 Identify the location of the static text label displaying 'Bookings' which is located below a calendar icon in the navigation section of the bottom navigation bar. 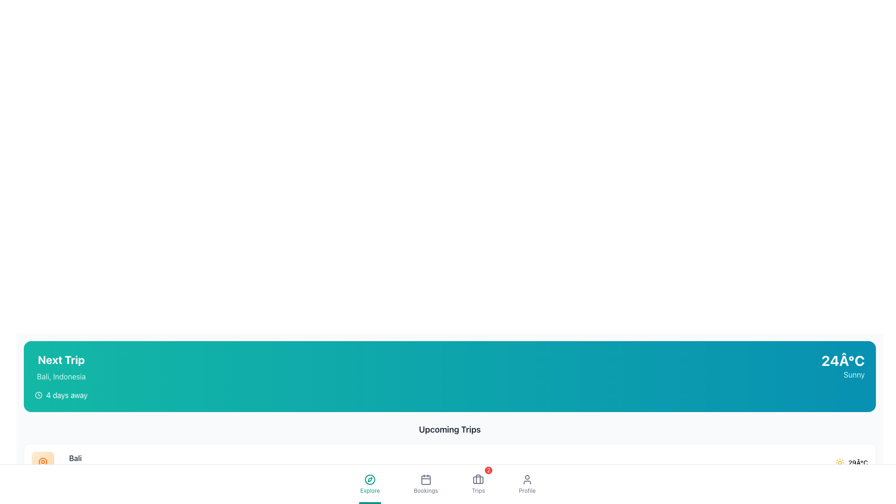
(425, 490).